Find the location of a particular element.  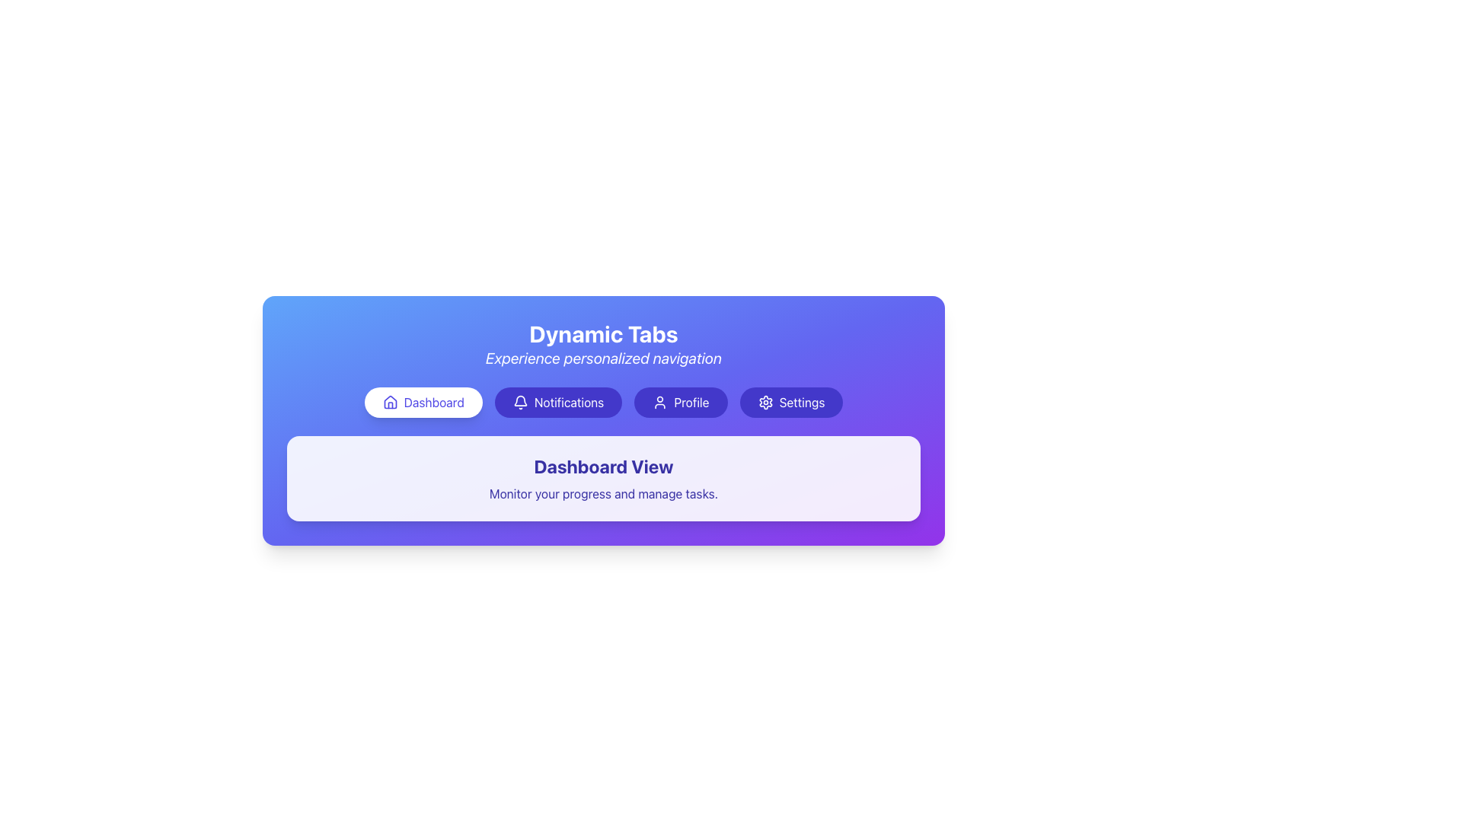

the header Static Text element that indicates the purpose or theme of the content below, positioned above 'Experience personalized navigation' is located at coordinates (602, 333).